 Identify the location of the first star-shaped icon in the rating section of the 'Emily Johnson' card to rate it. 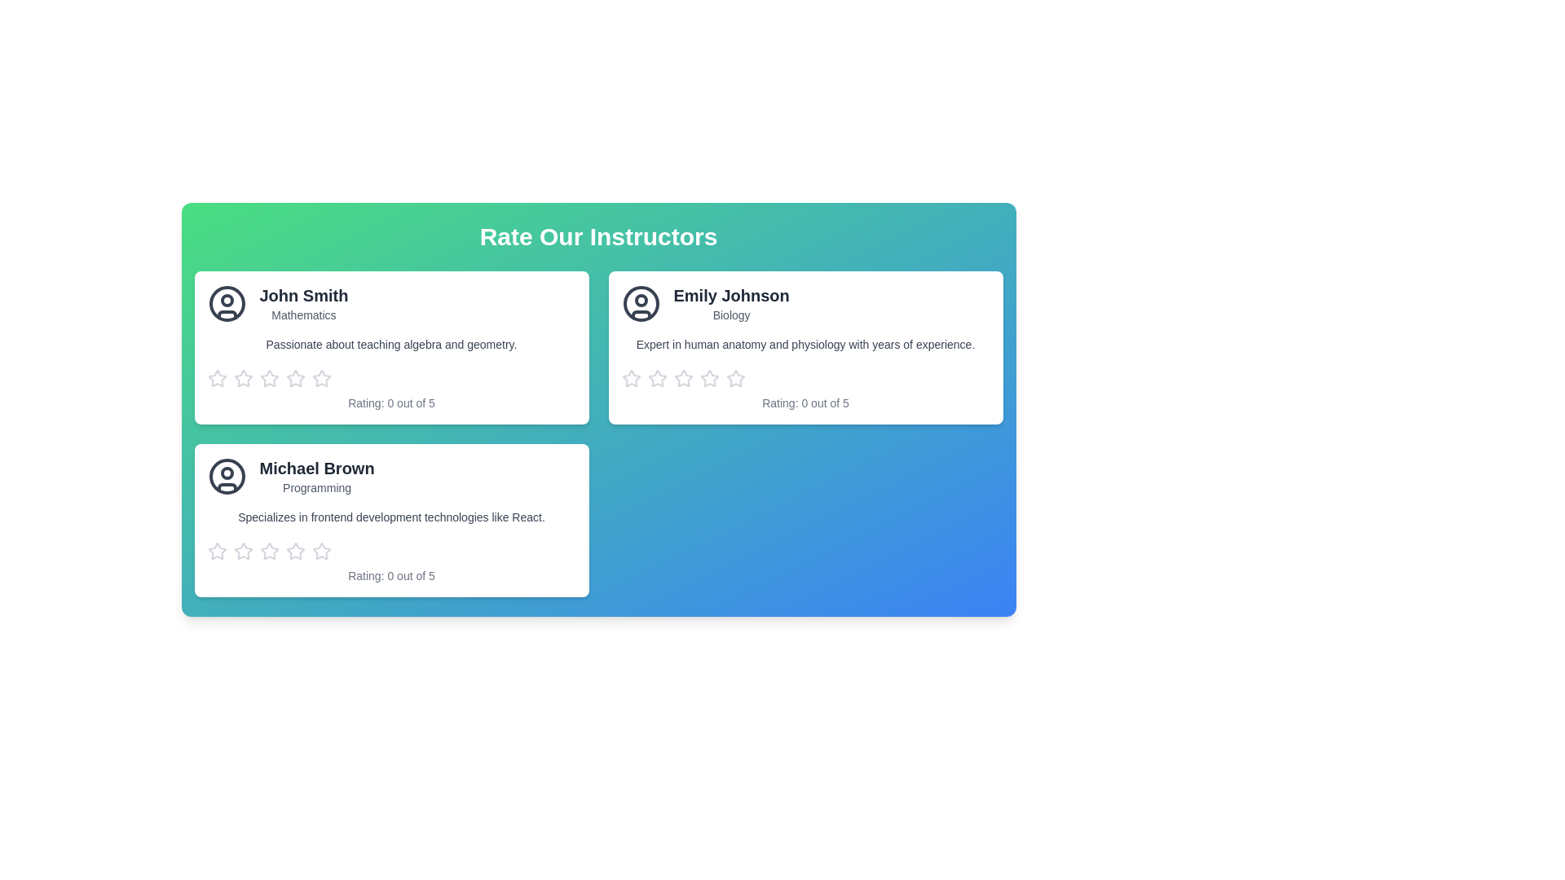
(657, 378).